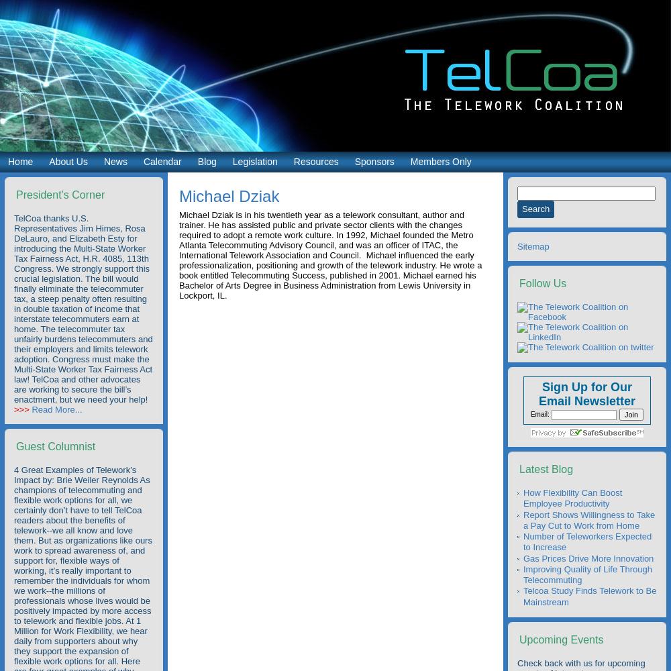 The height and width of the screenshot is (671, 671). I want to click on 'Follow Us', so click(543, 283).